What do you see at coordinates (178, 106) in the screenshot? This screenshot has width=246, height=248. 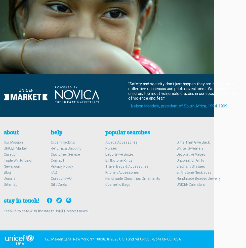 I see `'- Nelson Mandela, president of South Africa, 1994-1999'` at bounding box center [178, 106].